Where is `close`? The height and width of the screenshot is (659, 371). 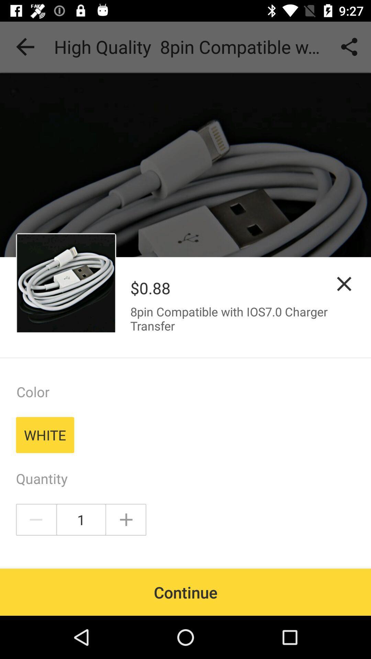 close is located at coordinates (344, 284).